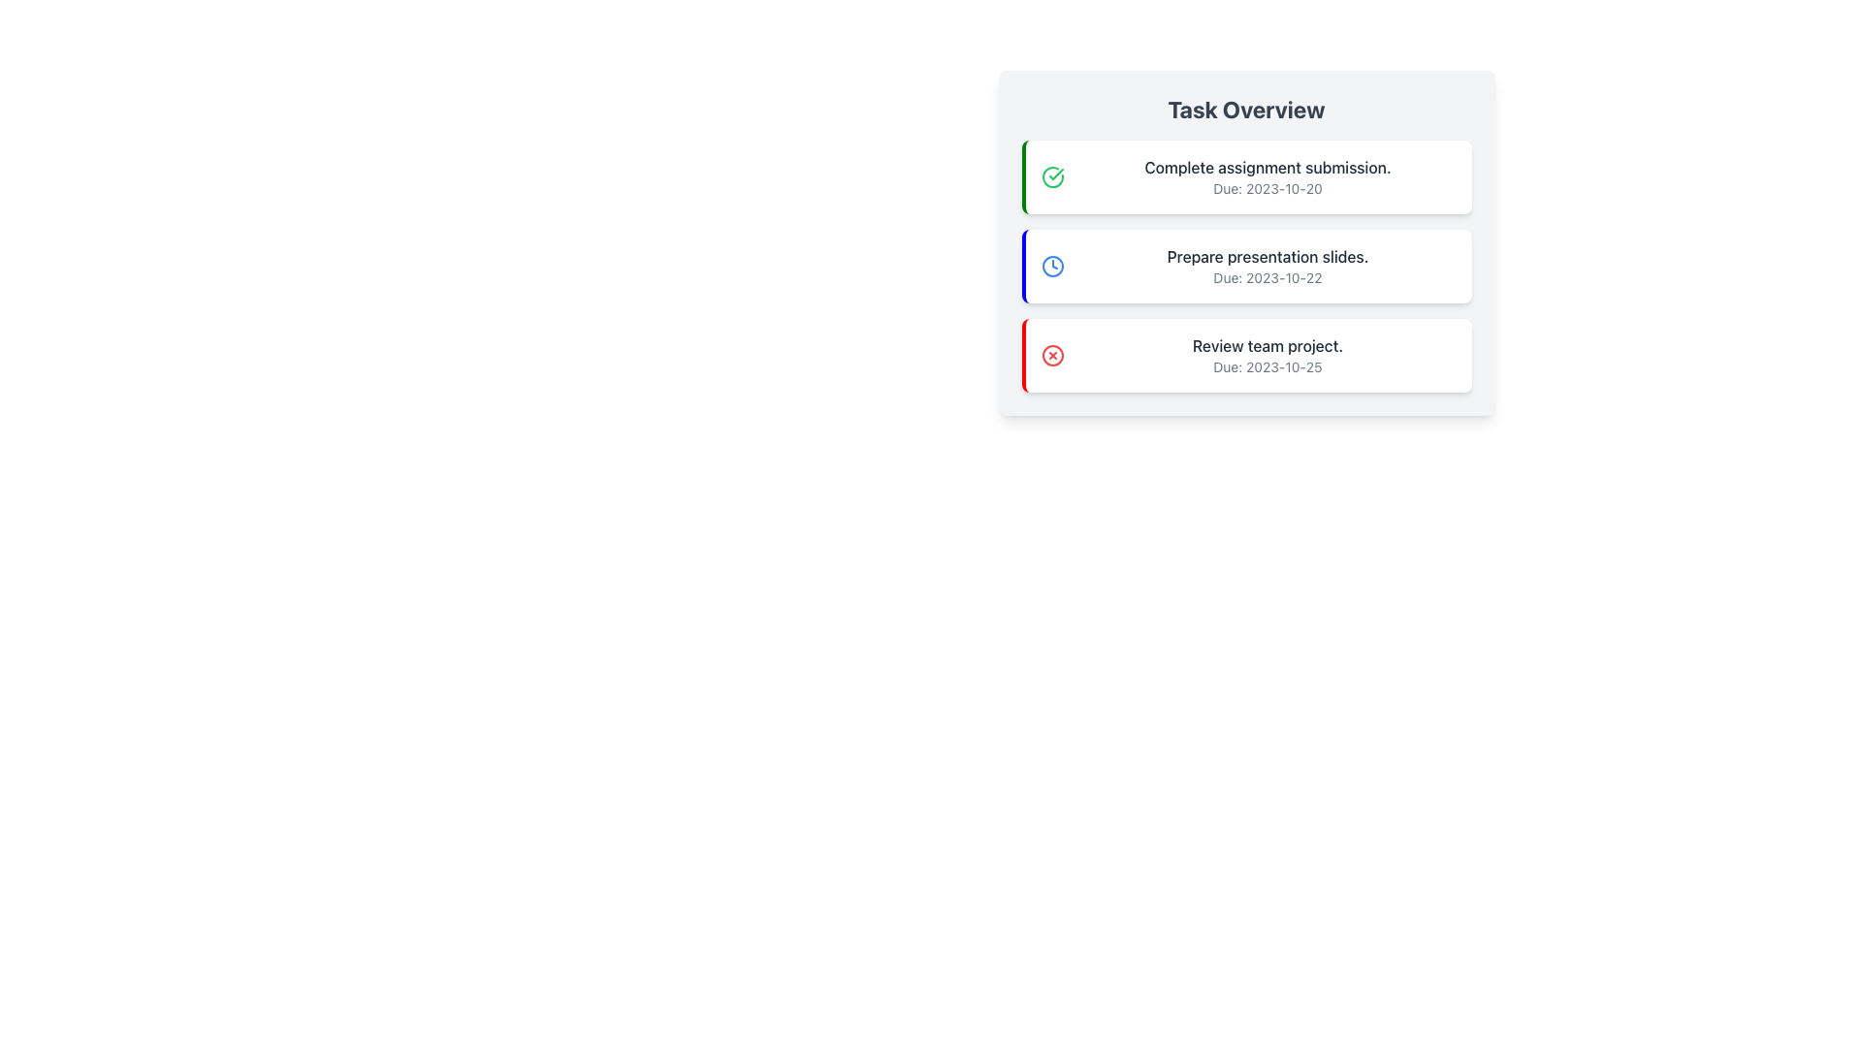 The height and width of the screenshot is (1047, 1862). What do you see at coordinates (1051, 355) in the screenshot?
I see `the SVG circle element that represents the error or cancellation icon for the 'Review team project' task, located at the bottom of the task list` at bounding box center [1051, 355].